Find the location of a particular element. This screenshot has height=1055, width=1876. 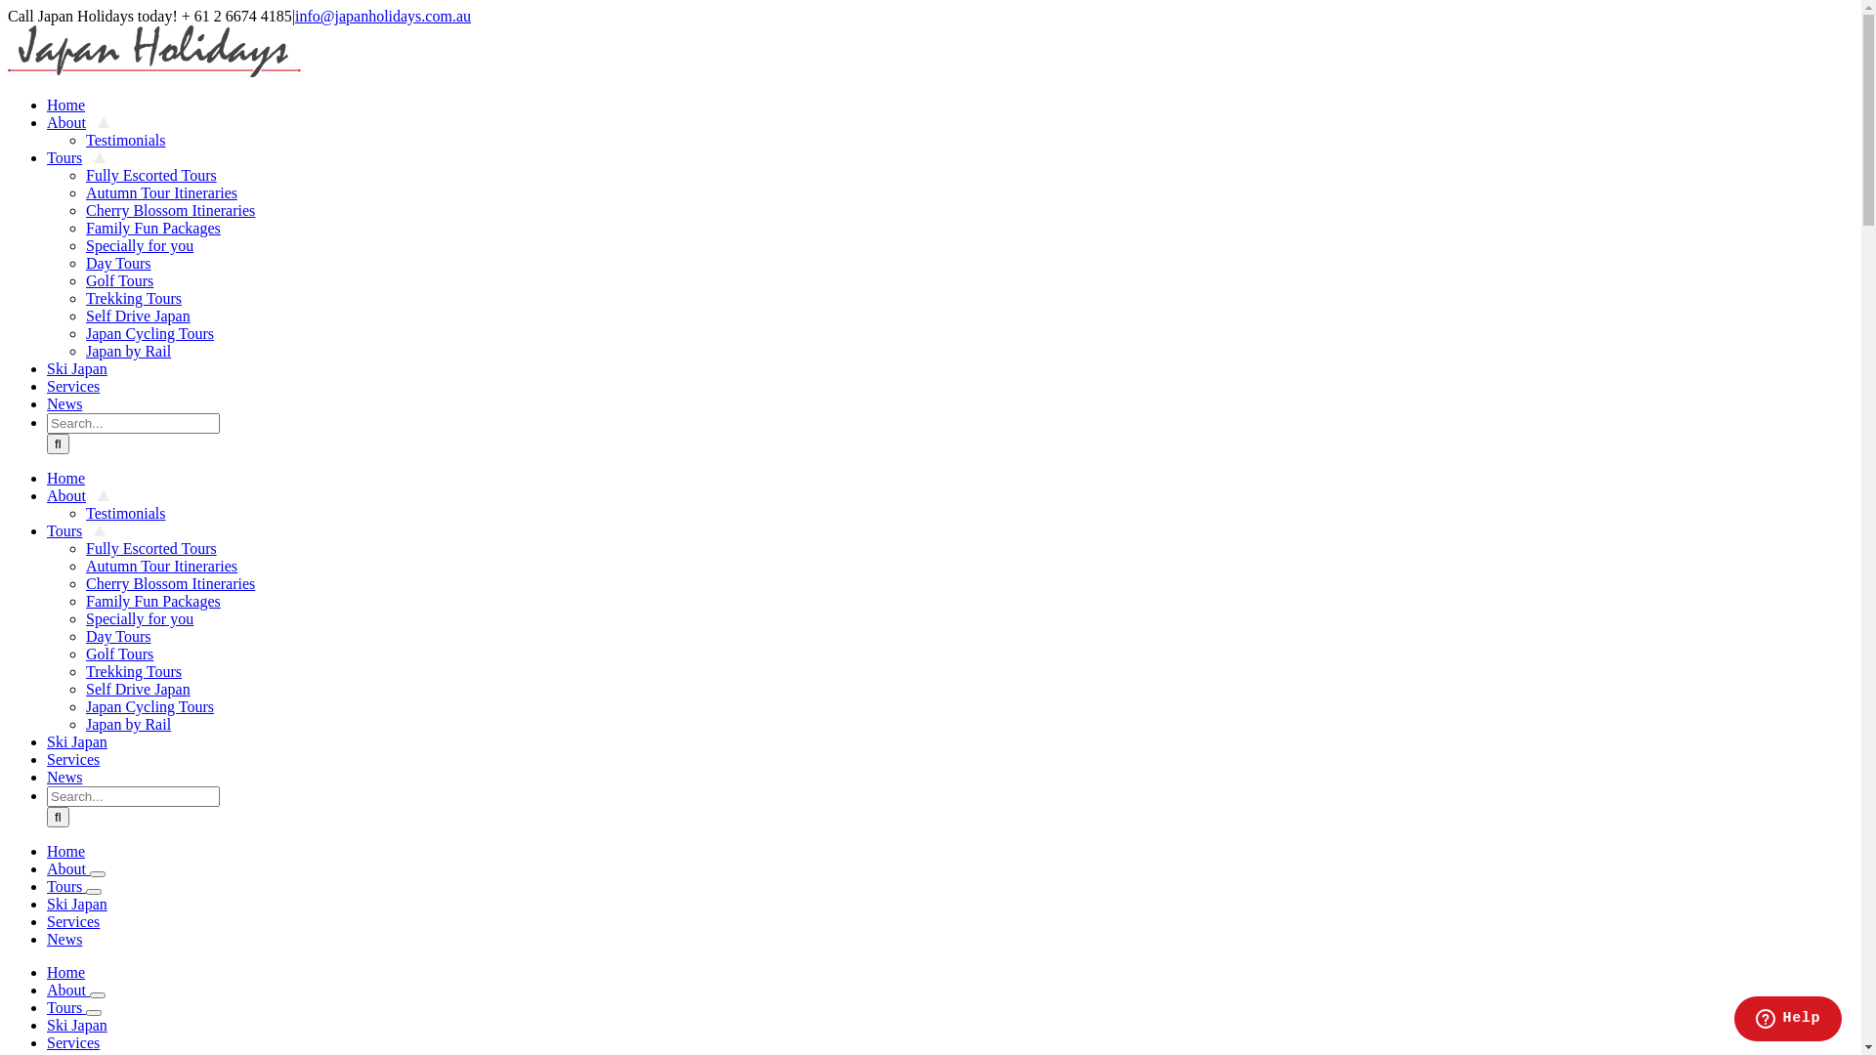

'Services' is located at coordinates (47, 921).